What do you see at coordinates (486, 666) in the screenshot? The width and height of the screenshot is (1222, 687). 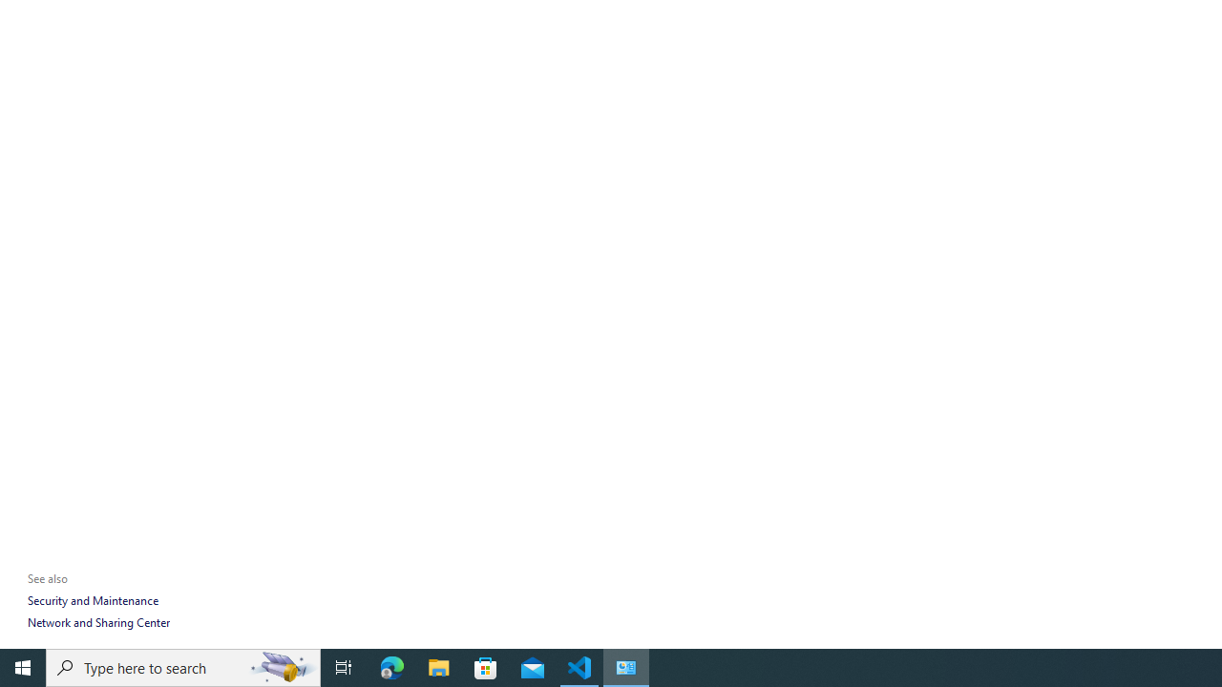 I see `'Microsoft Store'` at bounding box center [486, 666].